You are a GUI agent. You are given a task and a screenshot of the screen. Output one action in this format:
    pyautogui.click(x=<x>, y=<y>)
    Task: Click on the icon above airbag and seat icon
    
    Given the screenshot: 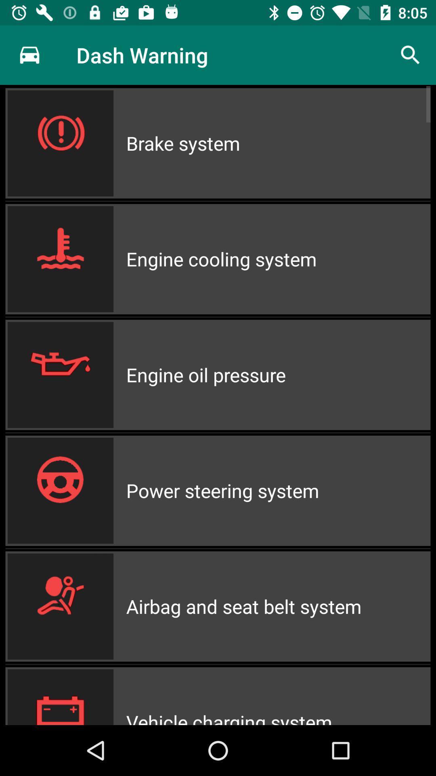 What is the action you would take?
    pyautogui.click(x=278, y=490)
    